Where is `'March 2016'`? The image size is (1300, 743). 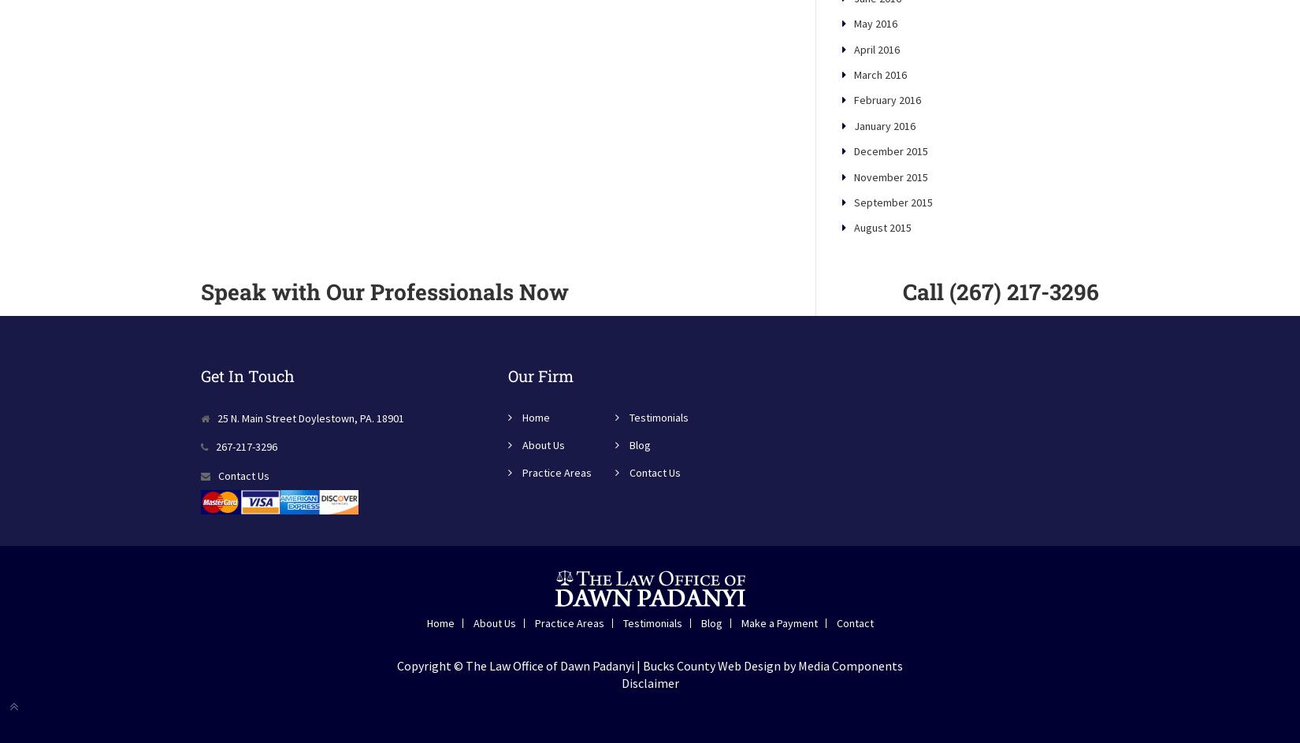
'March 2016' is located at coordinates (854, 128).